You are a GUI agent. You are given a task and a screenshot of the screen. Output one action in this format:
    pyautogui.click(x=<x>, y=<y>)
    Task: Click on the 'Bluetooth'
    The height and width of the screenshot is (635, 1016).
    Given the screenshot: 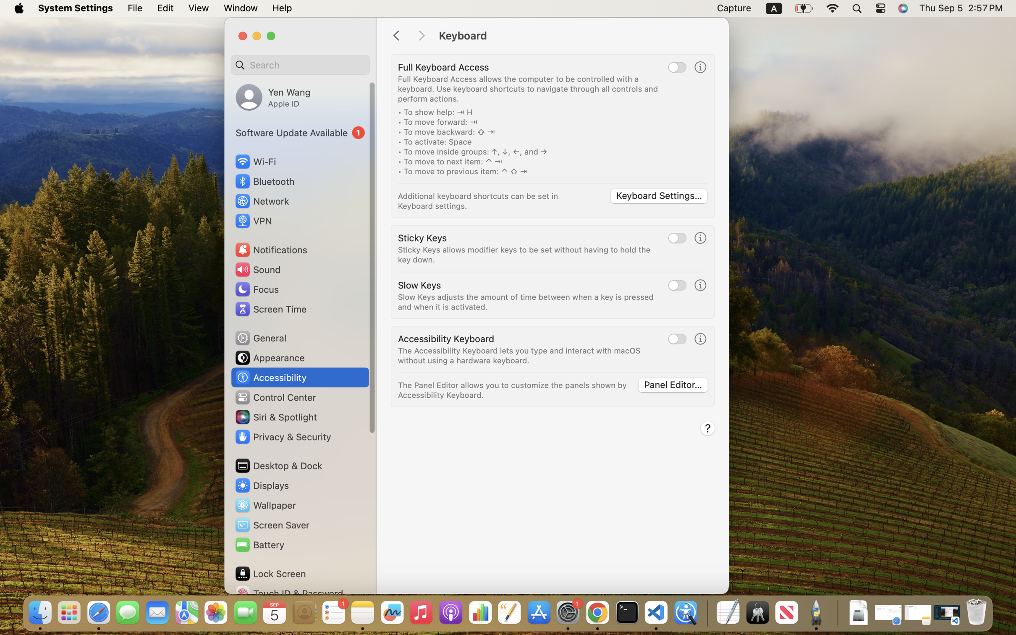 What is the action you would take?
    pyautogui.click(x=264, y=181)
    